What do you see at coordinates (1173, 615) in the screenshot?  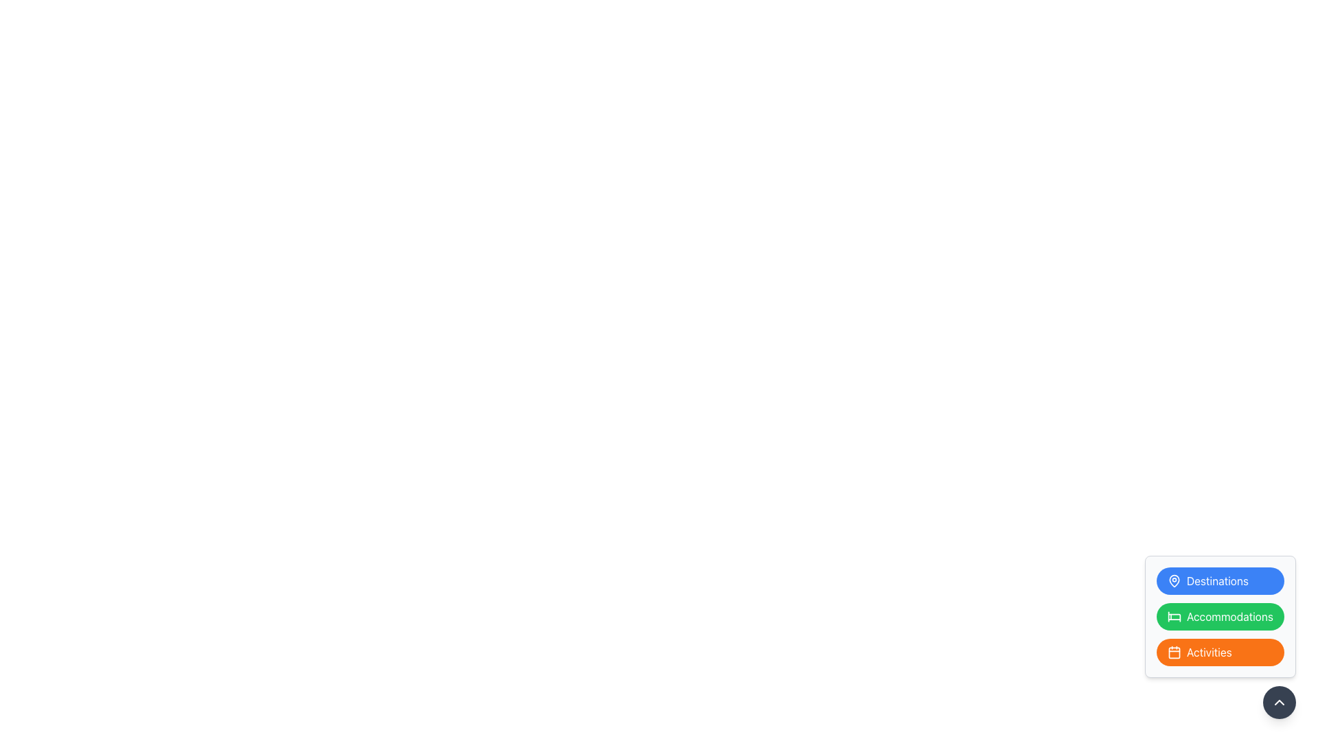 I see `the 'Accommodations' icon located on the left side of the button's text within the green button` at bounding box center [1173, 615].